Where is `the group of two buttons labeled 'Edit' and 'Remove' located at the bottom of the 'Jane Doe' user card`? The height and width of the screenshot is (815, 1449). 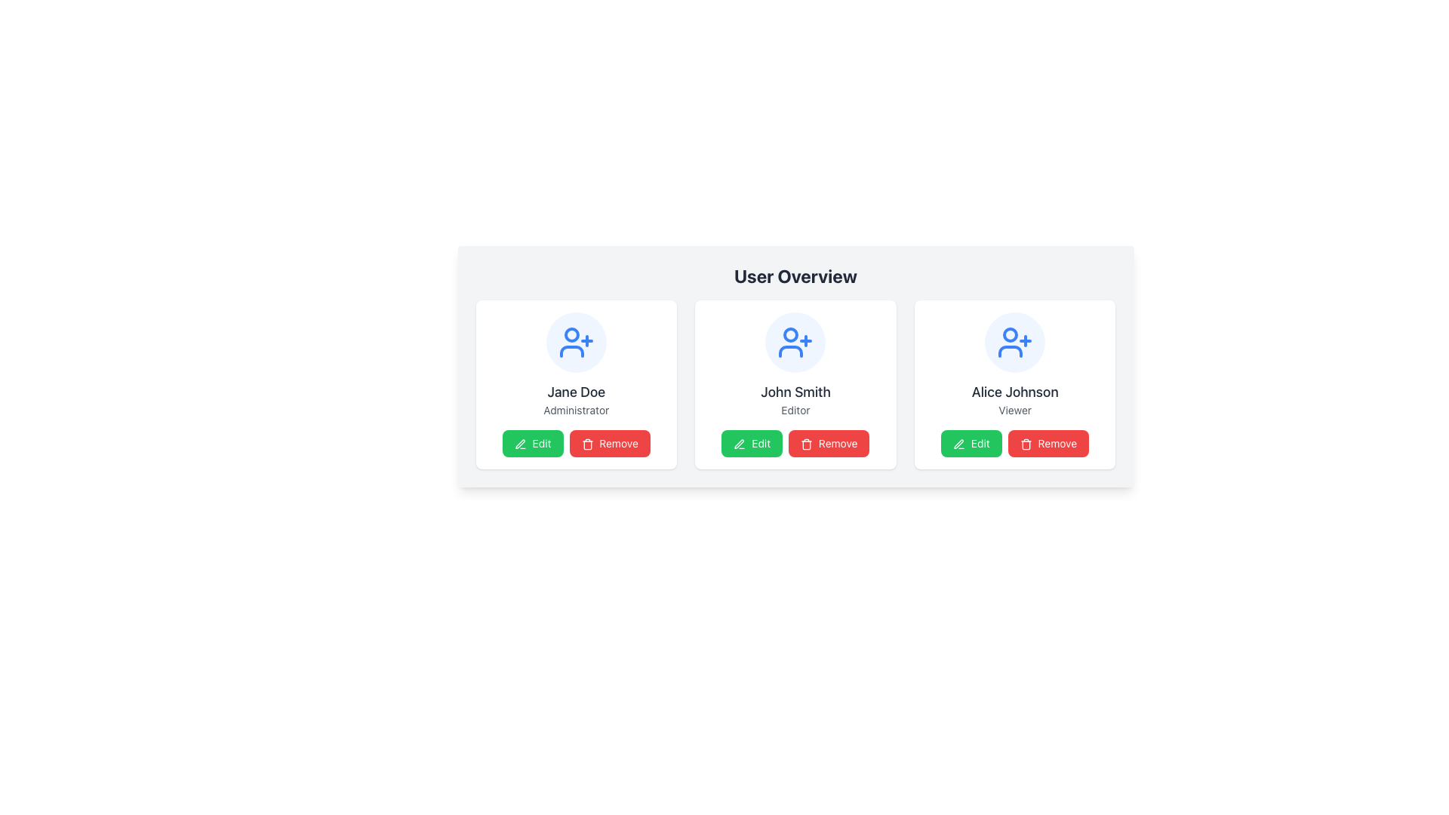 the group of two buttons labeled 'Edit' and 'Remove' located at the bottom of the 'Jane Doe' user card is located at coordinates (575, 442).